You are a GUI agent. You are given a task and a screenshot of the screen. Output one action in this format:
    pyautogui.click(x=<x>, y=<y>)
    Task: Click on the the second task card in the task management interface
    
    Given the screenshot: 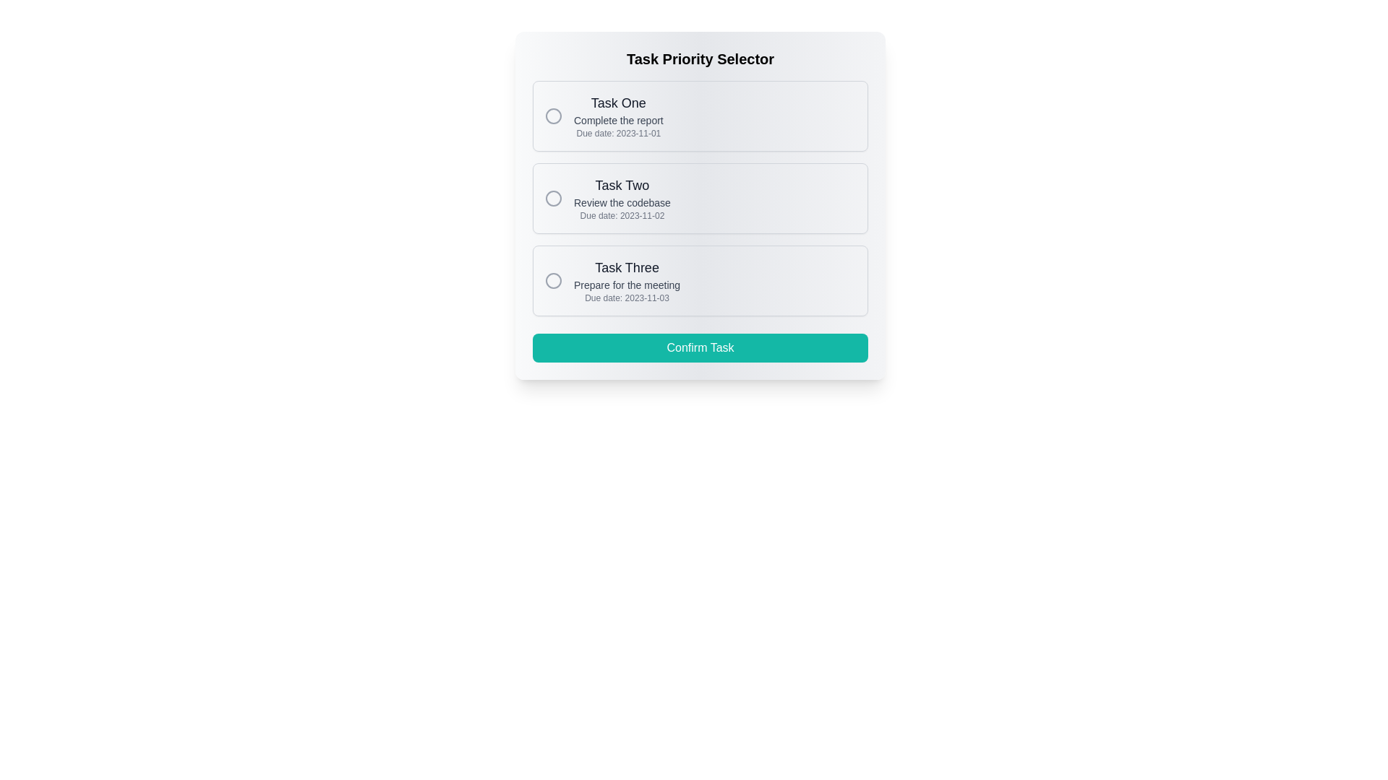 What is the action you would take?
    pyautogui.click(x=701, y=206)
    